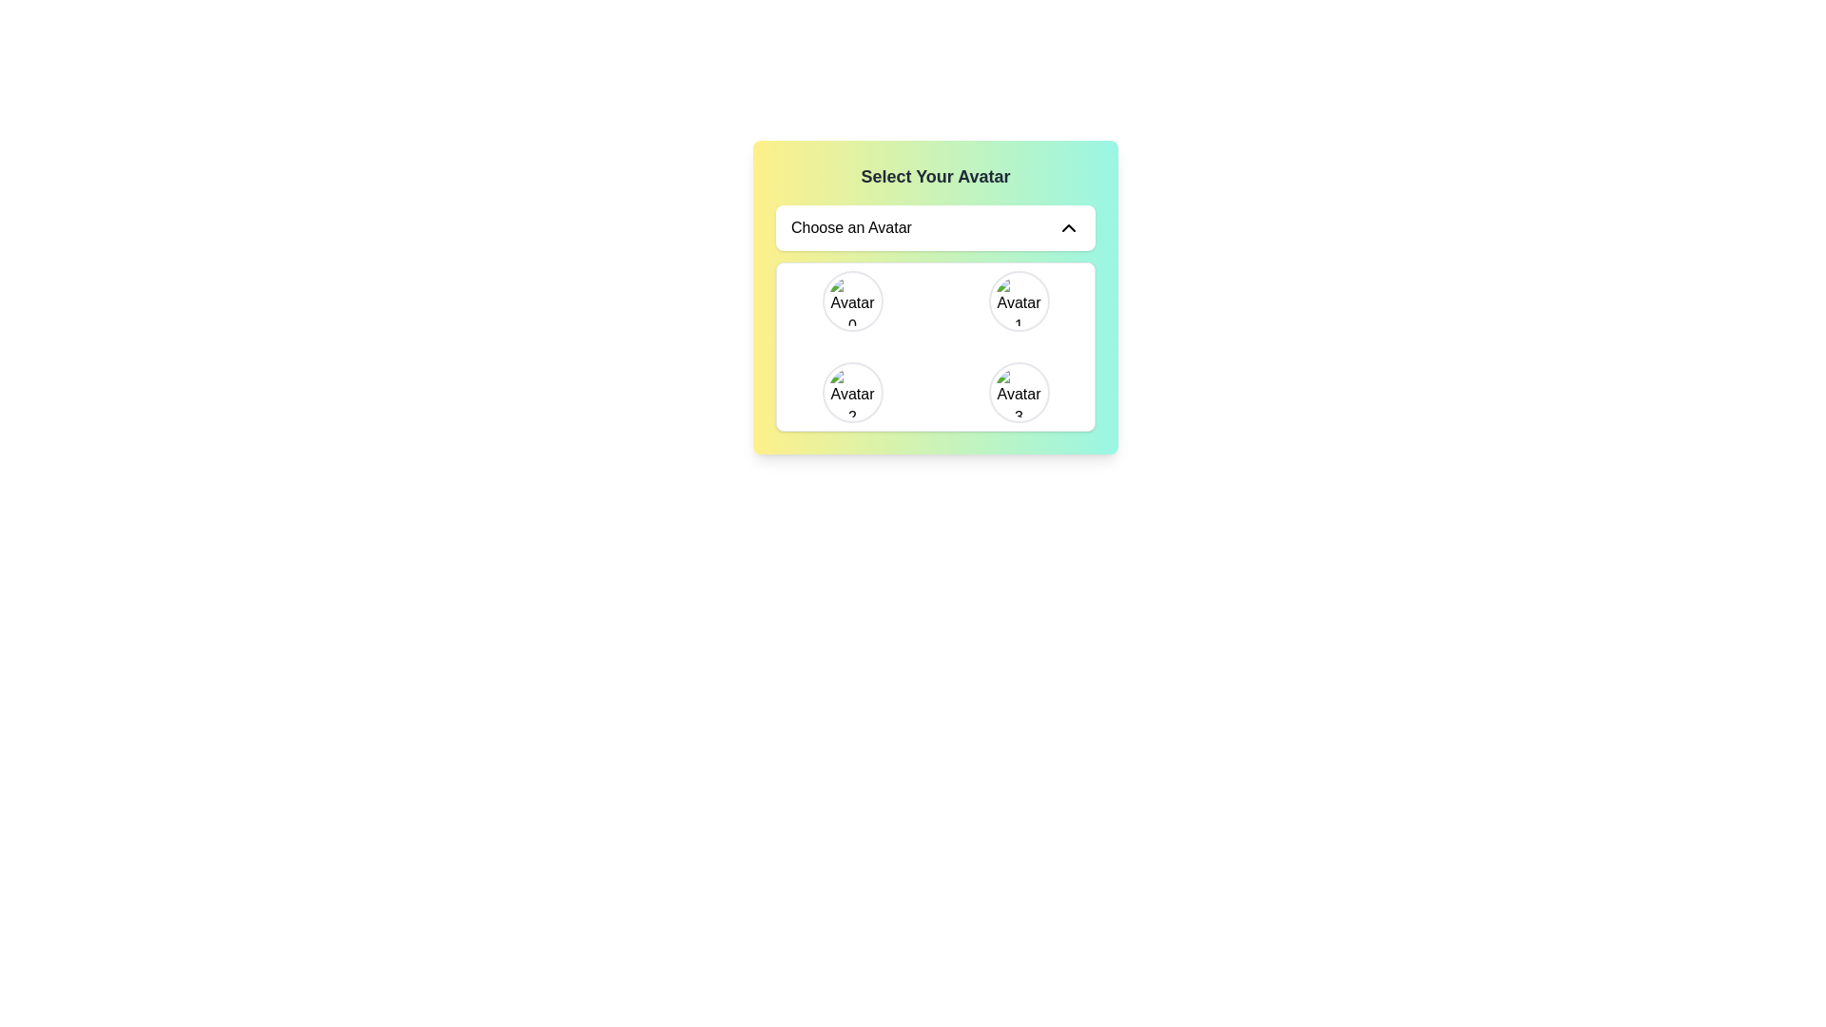  Describe the element at coordinates (1018, 300) in the screenshot. I see `the circular avatar icon located in the second column of the first row, which has a light border and a small placeholder image` at that location.